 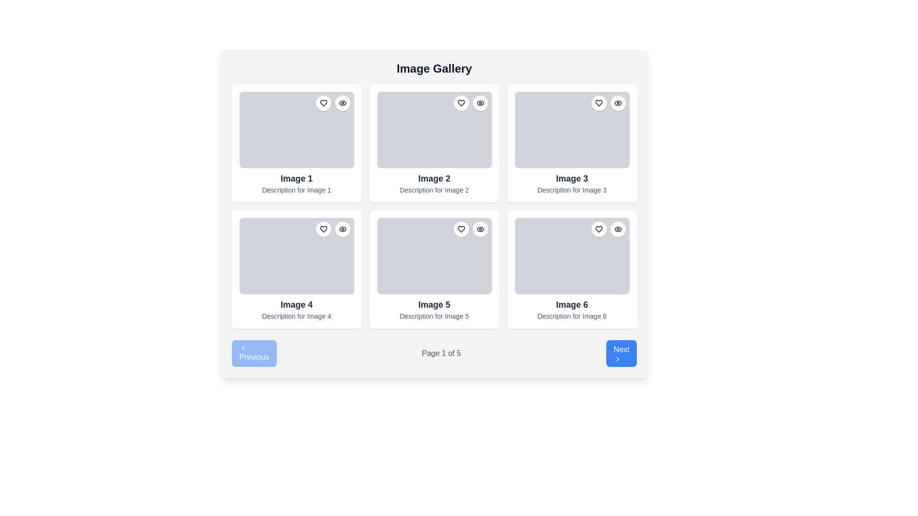 What do you see at coordinates (342, 229) in the screenshot?
I see `the outer shape of the eye icon associated with viewing or previewing content, located adjacent to each image thumbnail` at bounding box center [342, 229].